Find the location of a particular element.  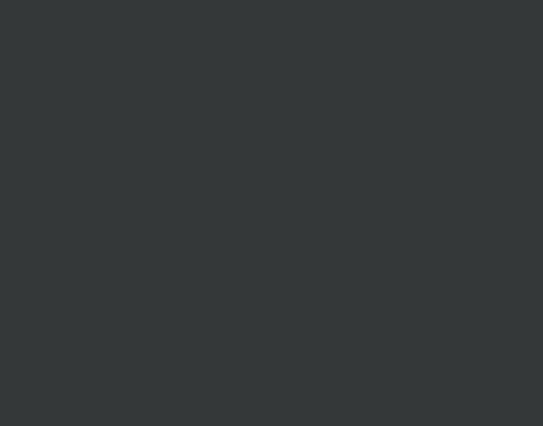

'google form' is located at coordinates (328, 79).